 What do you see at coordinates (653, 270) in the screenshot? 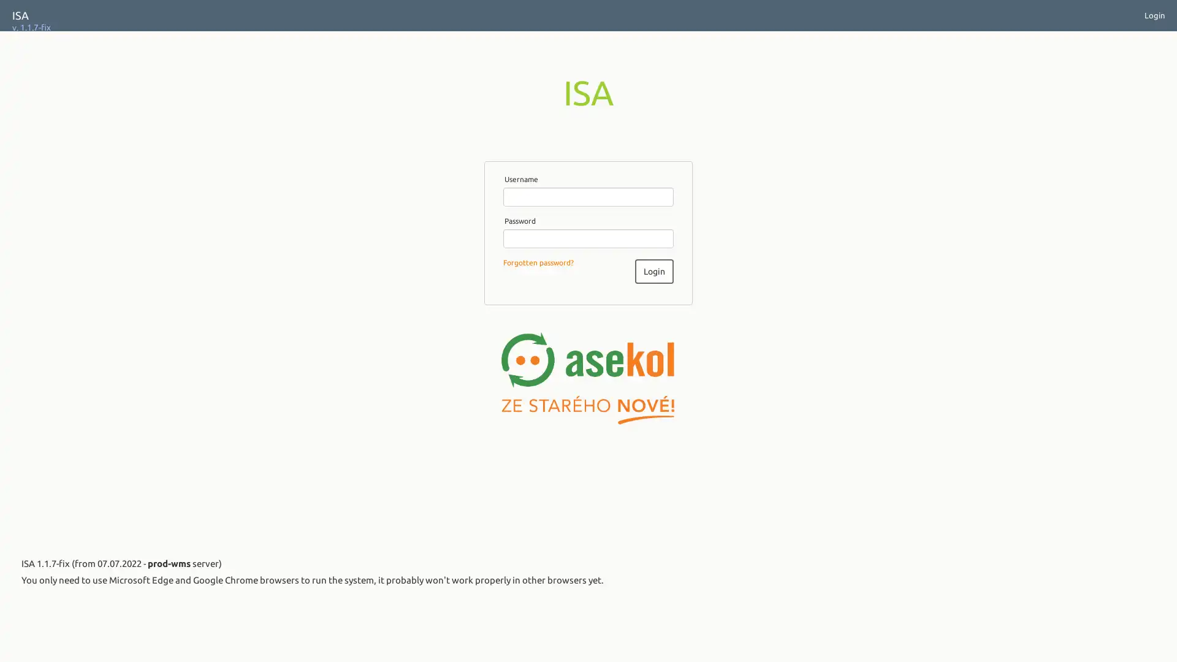
I see `Login` at bounding box center [653, 270].